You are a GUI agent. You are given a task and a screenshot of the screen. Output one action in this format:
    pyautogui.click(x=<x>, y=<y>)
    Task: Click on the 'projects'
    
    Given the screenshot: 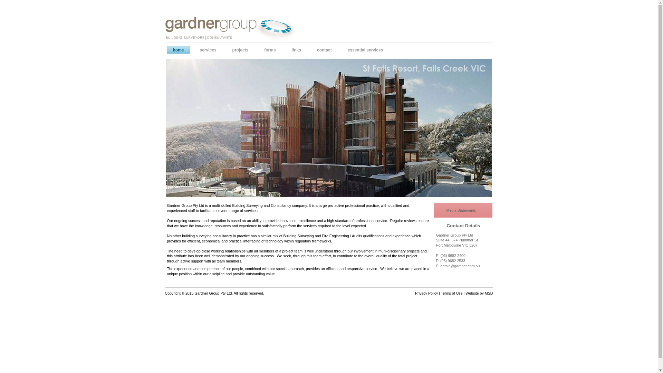 What is the action you would take?
    pyautogui.click(x=242, y=50)
    